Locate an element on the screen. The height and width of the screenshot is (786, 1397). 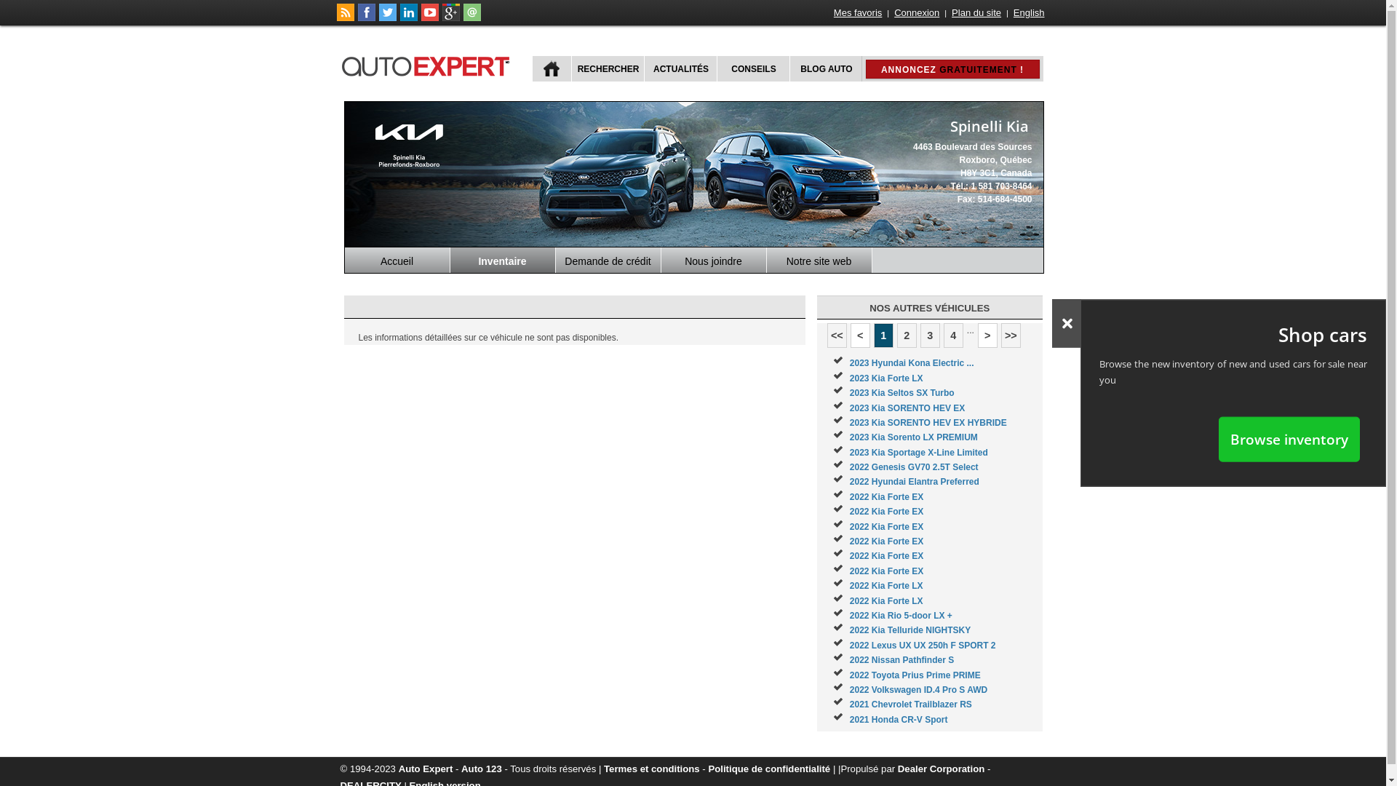
'2022 Kia Forte EX' is located at coordinates (885, 527).